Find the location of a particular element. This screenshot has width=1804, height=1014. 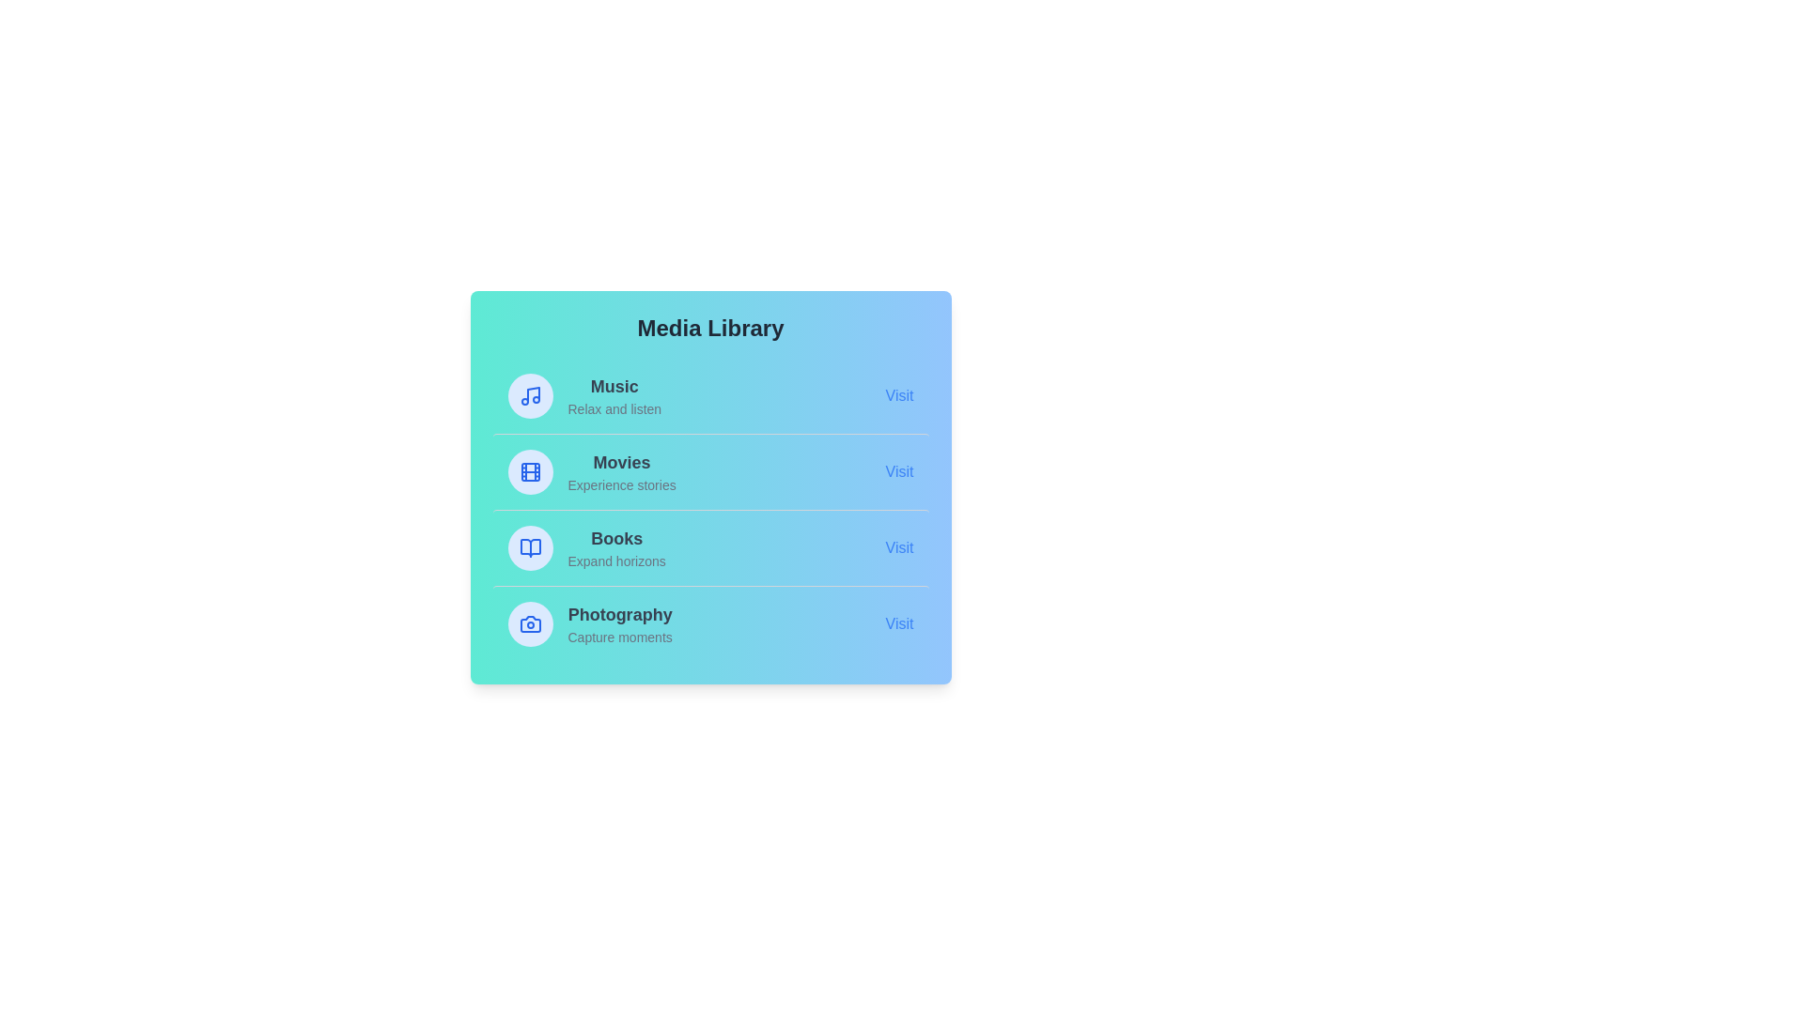

the 'Visit' link for Music is located at coordinates (898, 394).